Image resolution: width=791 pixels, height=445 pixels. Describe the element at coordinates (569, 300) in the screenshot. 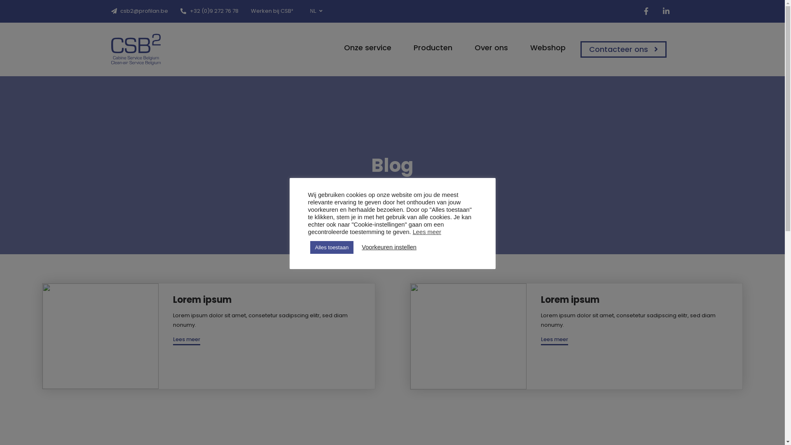

I see `'Lorem ipsum'` at that location.